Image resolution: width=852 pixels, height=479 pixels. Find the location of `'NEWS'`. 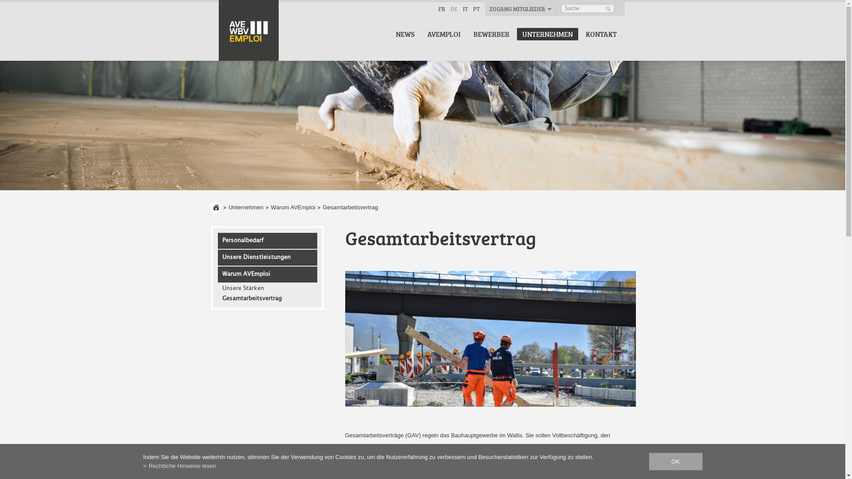

'NEWS' is located at coordinates (390, 34).